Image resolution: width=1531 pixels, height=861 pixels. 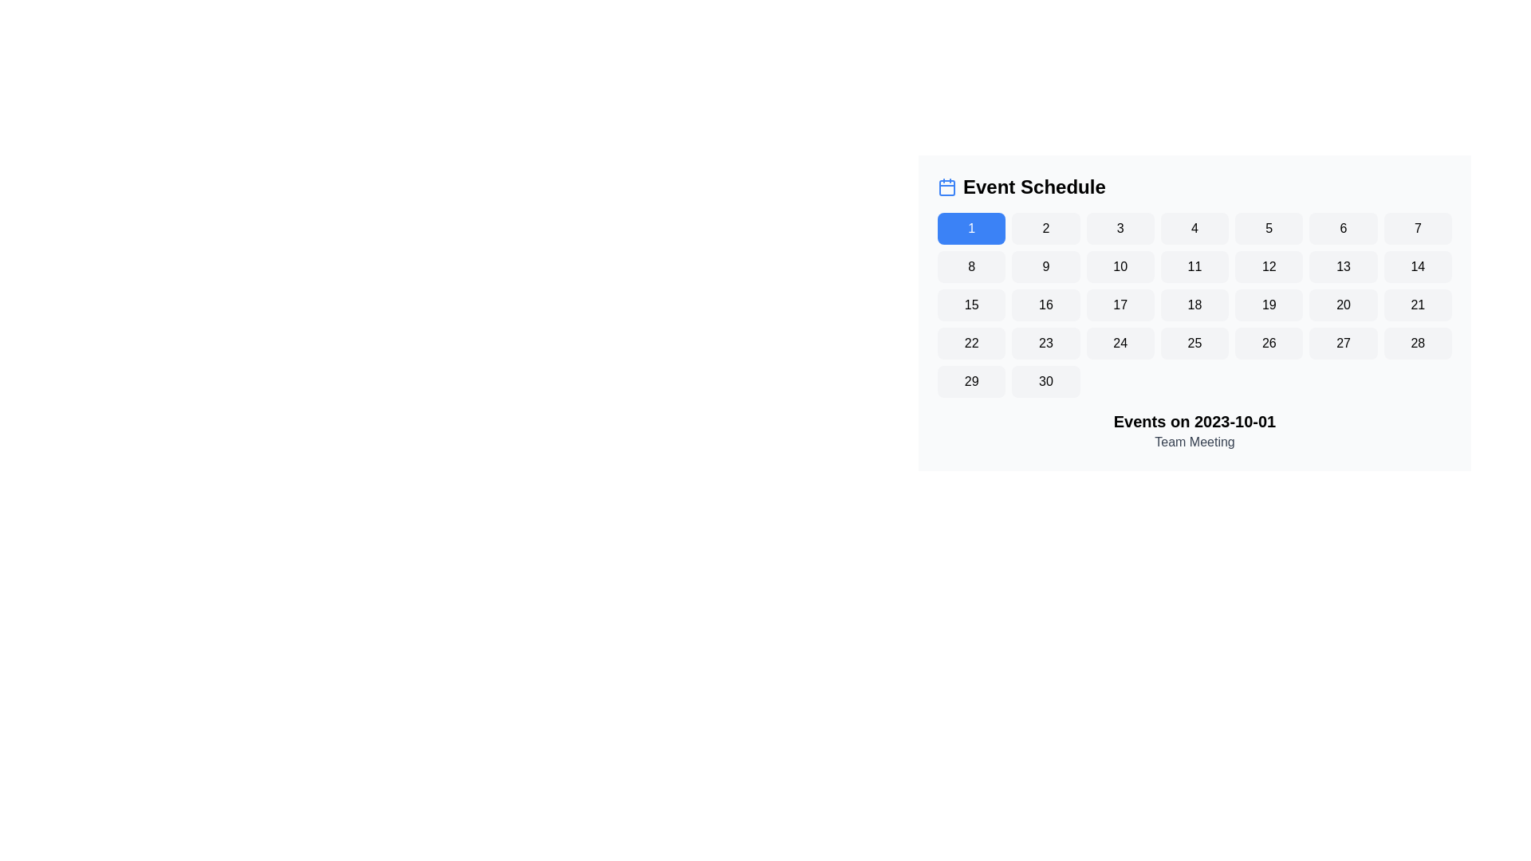 I want to click on the interactive button for selecting the day '14' in the calendar view located beneath the title 'Event Schedule', so click(x=1418, y=266).